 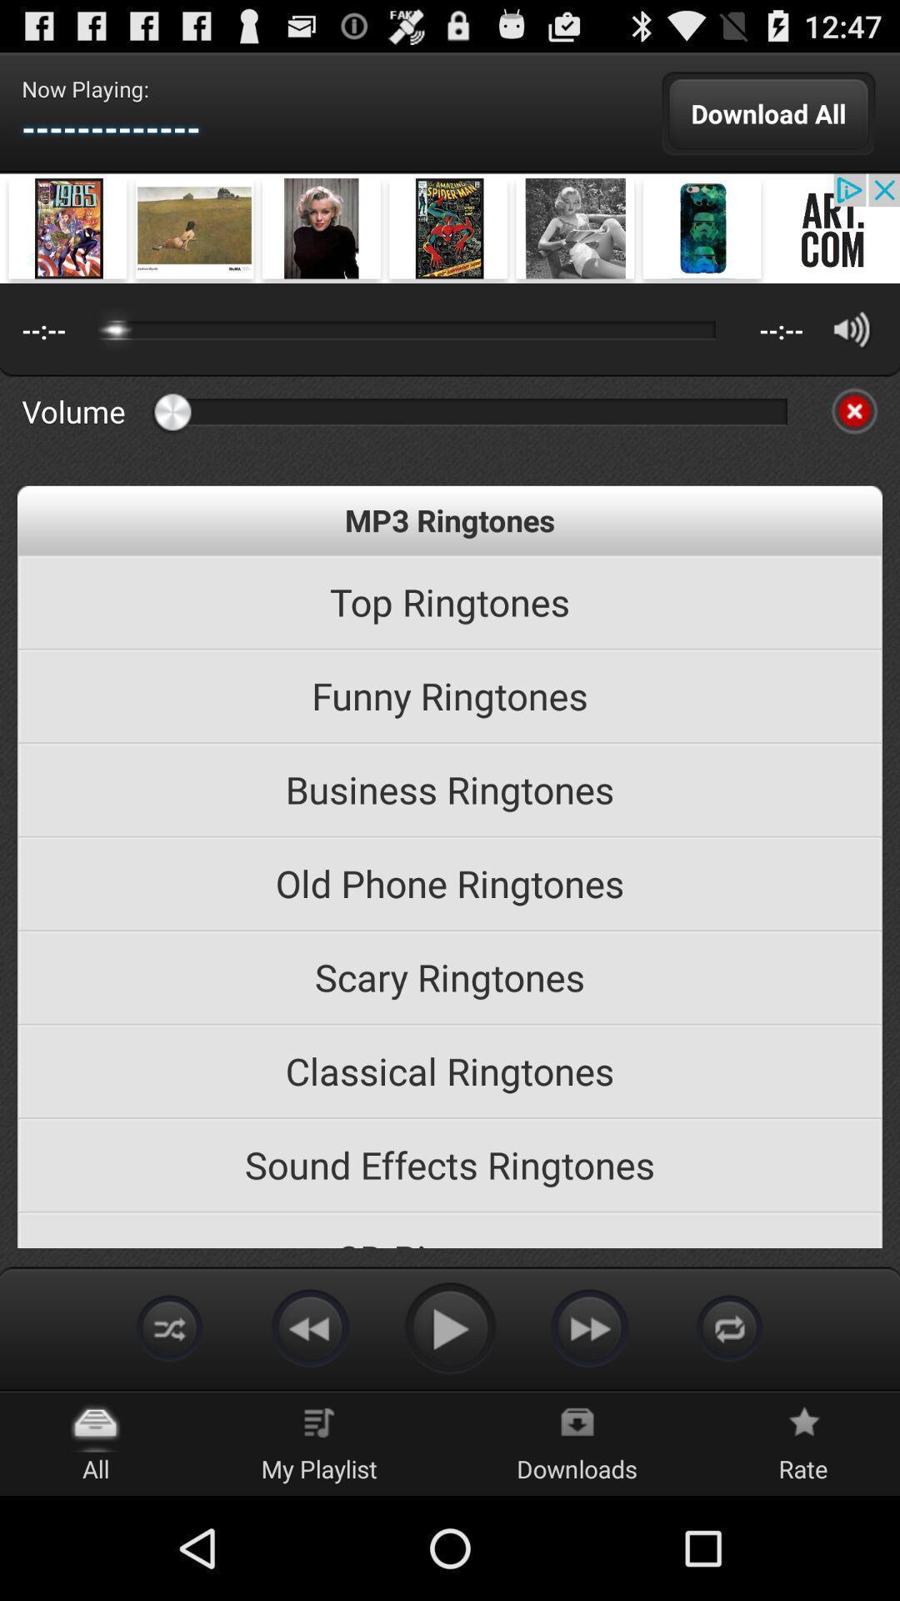 I want to click on the av_rewind icon, so click(x=309, y=1420).